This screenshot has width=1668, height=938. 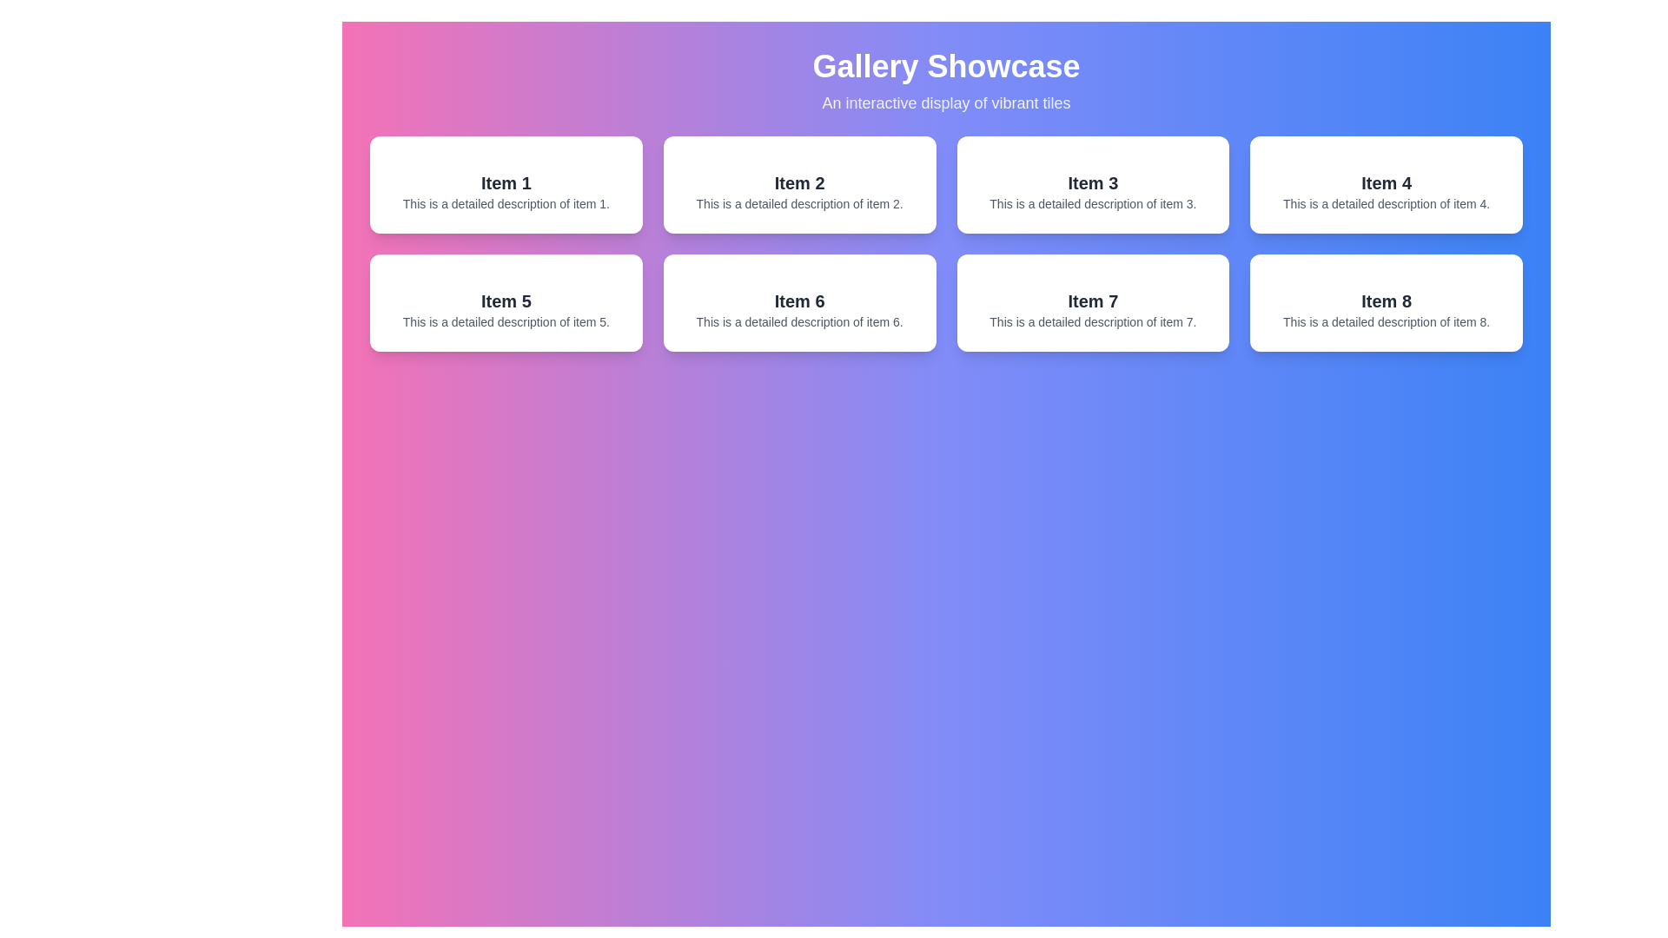 What do you see at coordinates (505, 184) in the screenshot?
I see `the first informational card in the grid by moving the cursor to its center point` at bounding box center [505, 184].